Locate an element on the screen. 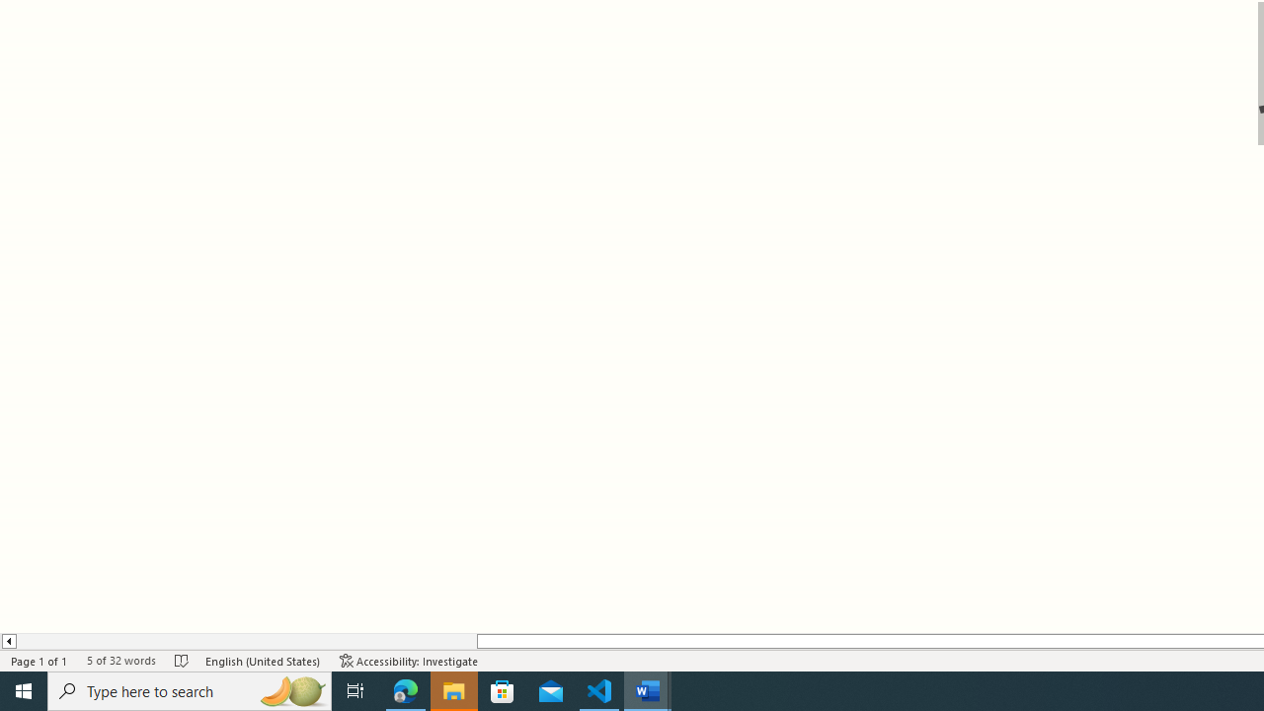 This screenshot has width=1264, height=711. 'Word Count 5 of 32 words' is located at coordinates (119, 661).